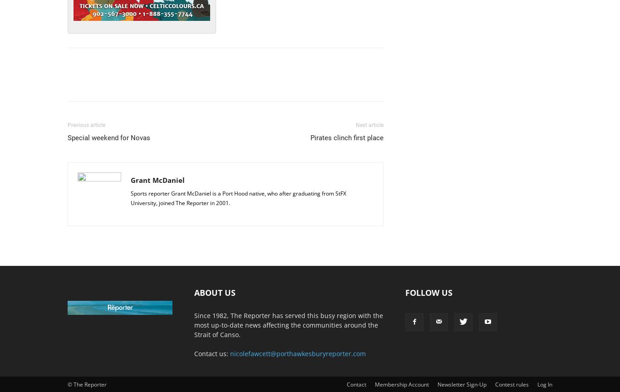 The image size is (620, 392). I want to click on 'Previous article', so click(86, 125).